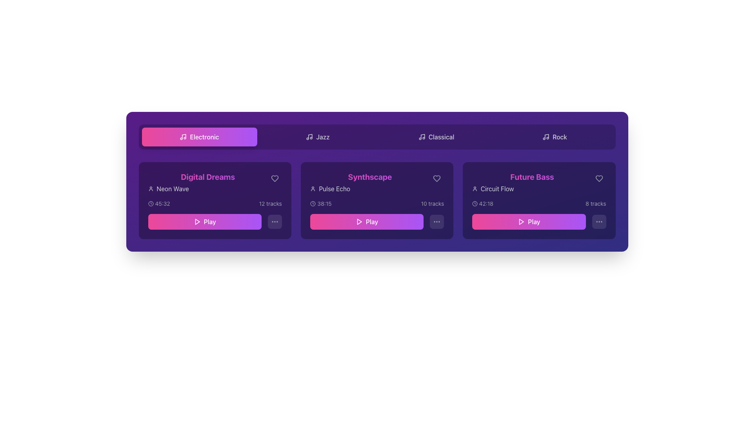 This screenshot has width=753, height=424. I want to click on the category selector for the music genre 'Classical' to filter or navigate to related content, so click(436, 136).